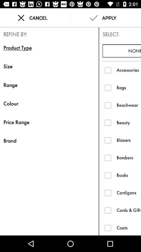  Describe the element at coordinates (108, 210) in the screenshot. I see `pay with gift card` at that location.